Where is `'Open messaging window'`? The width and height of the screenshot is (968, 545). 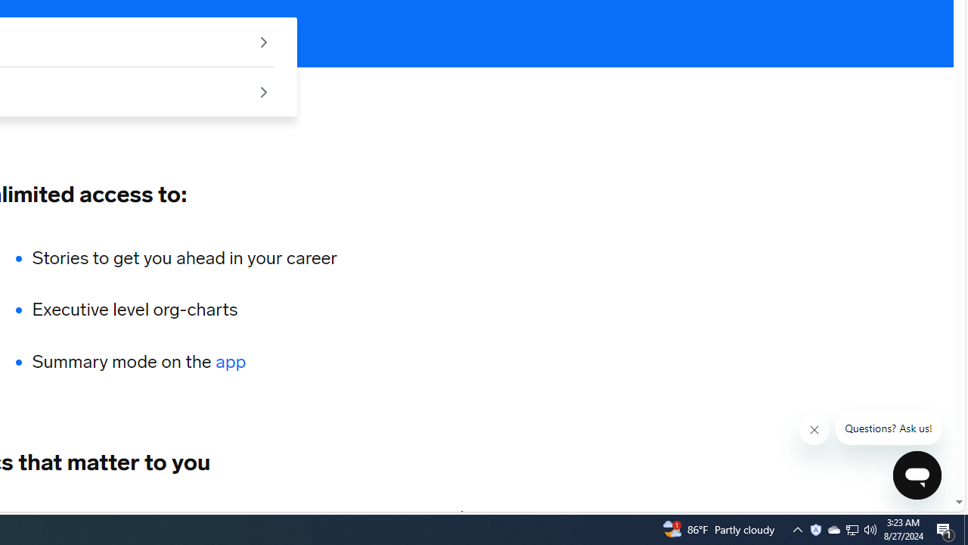
'Open messaging window' is located at coordinates (917, 475).